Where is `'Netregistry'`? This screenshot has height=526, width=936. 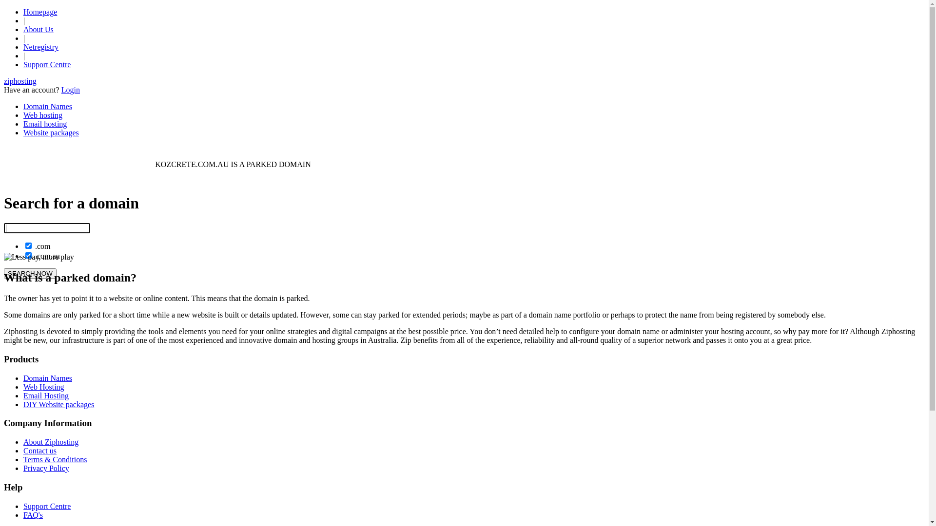
'Netregistry' is located at coordinates (40, 47).